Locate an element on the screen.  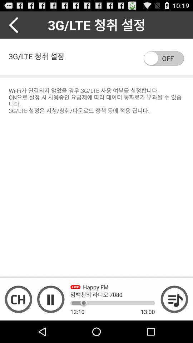
the arrow_backward icon is located at coordinates (14, 26).